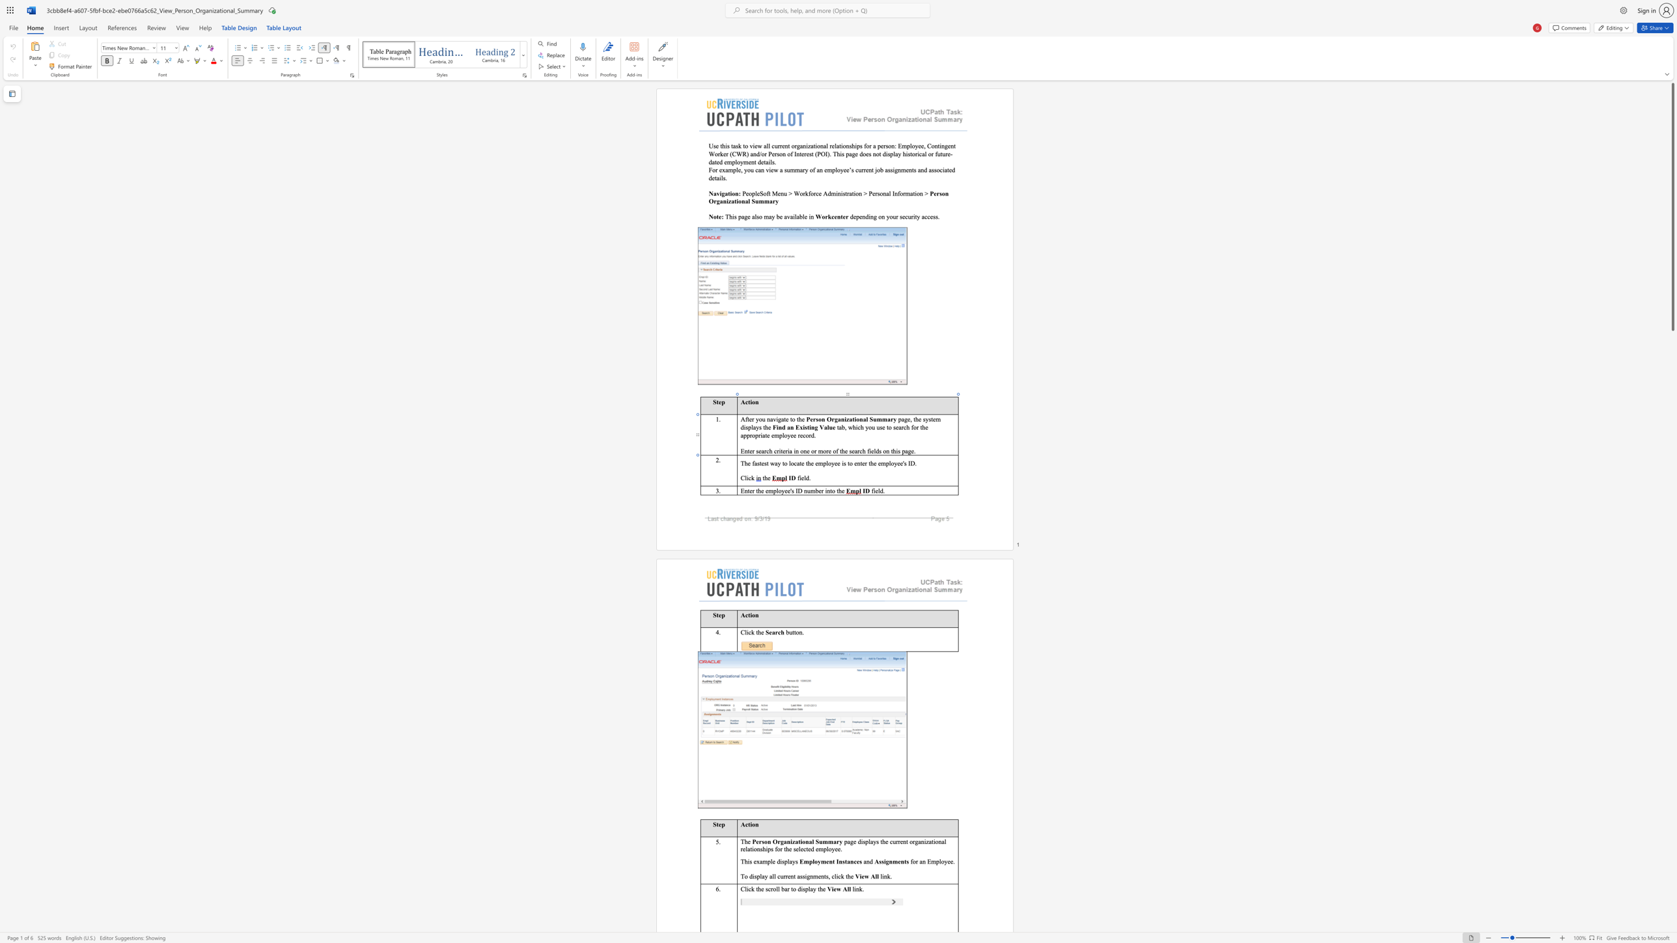  Describe the element at coordinates (755, 849) in the screenshot. I see `the 3th character "o" in the text` at that location.